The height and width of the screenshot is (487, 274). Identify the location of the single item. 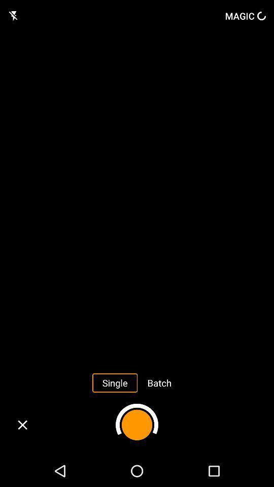
(114, 382).